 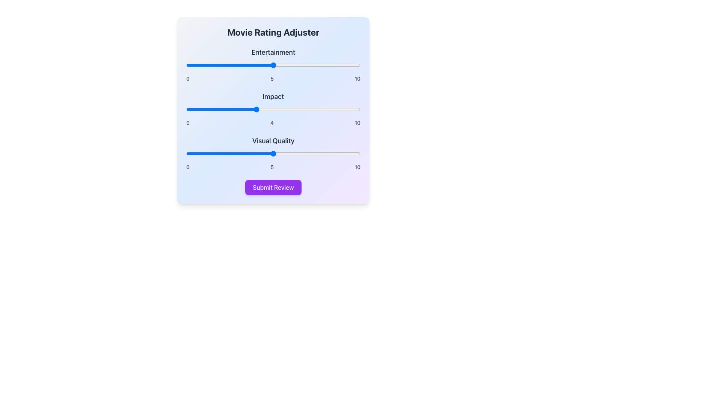 I want to click on the entertainment value, so click(x=290, y=64).